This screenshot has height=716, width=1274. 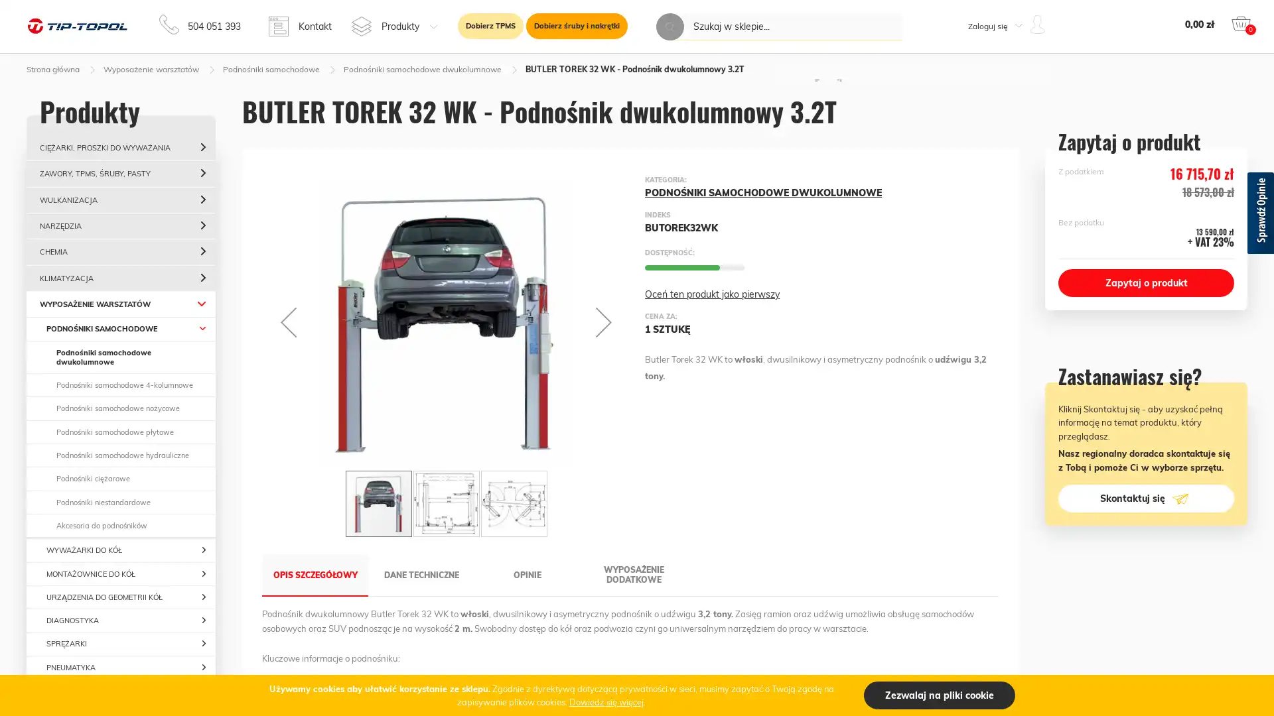 I want to click on Zezwalaj na pliki cookie, so click(x=939, y=695).